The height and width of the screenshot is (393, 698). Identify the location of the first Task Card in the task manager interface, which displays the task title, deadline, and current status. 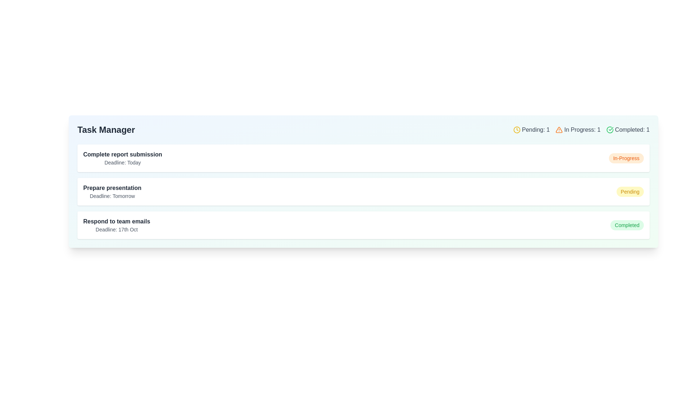
(363, 158).